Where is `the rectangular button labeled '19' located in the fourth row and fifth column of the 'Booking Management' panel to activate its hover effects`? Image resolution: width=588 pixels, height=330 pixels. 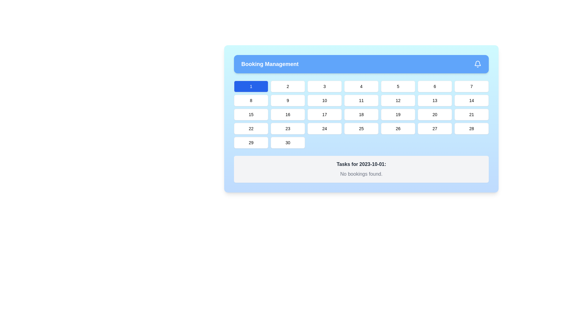
the rectangular button labeled '19' located in the fourth row and fifth column of the 'Booking Management' panel to activate its hover effects is located at coordinates (398, 114).